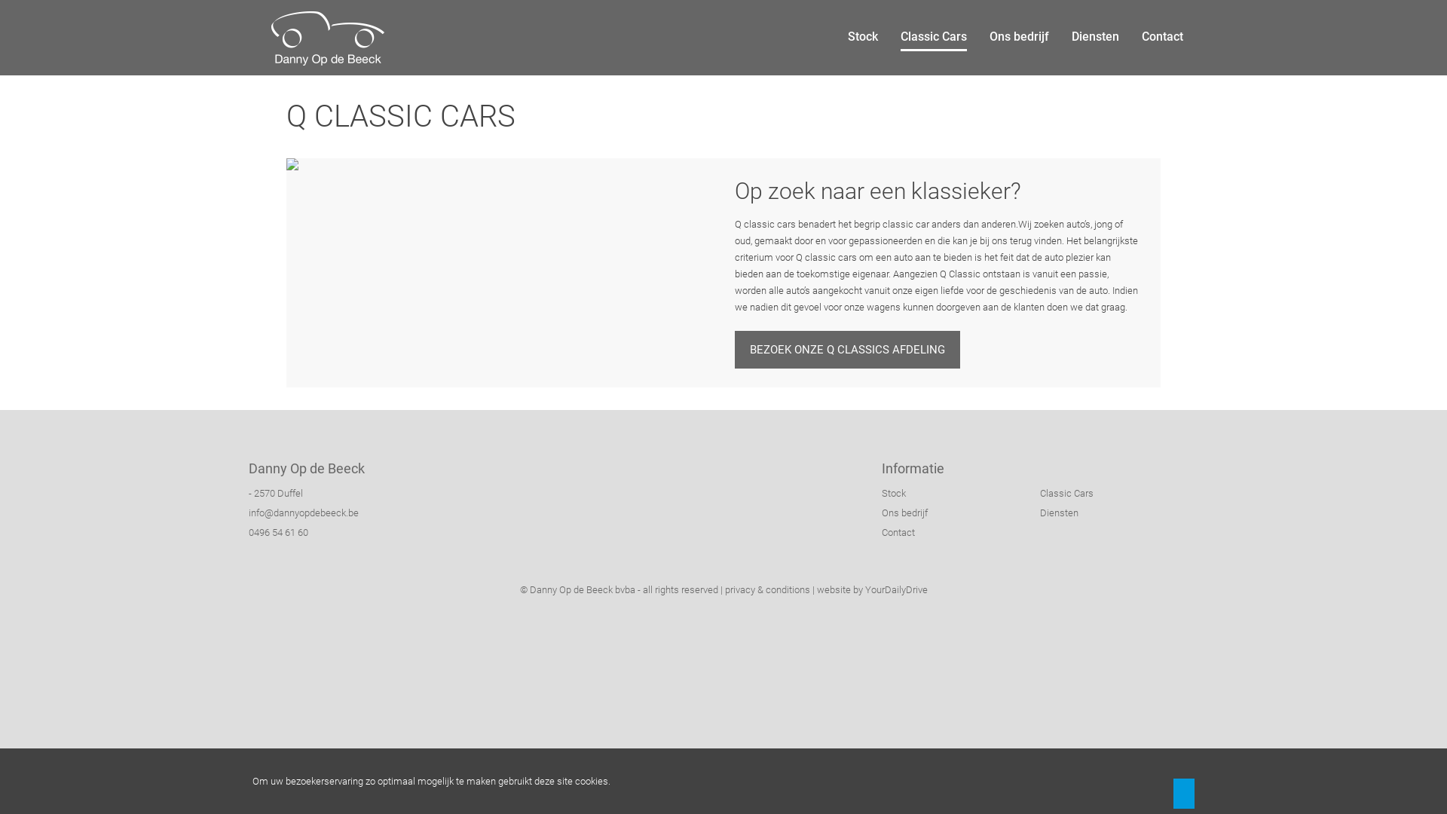 The height and width of the screenshot is (814, 1447). What do you see at coordinates (960, 531) in the screenshot?
I see `'Contact'` at bounding box center [960, 531].